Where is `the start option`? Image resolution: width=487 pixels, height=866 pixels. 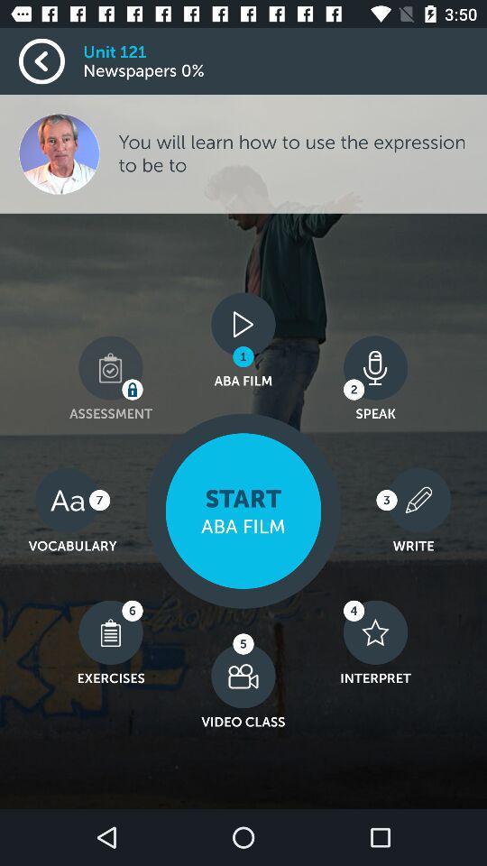
the start option is located at coordinates (243, 511).